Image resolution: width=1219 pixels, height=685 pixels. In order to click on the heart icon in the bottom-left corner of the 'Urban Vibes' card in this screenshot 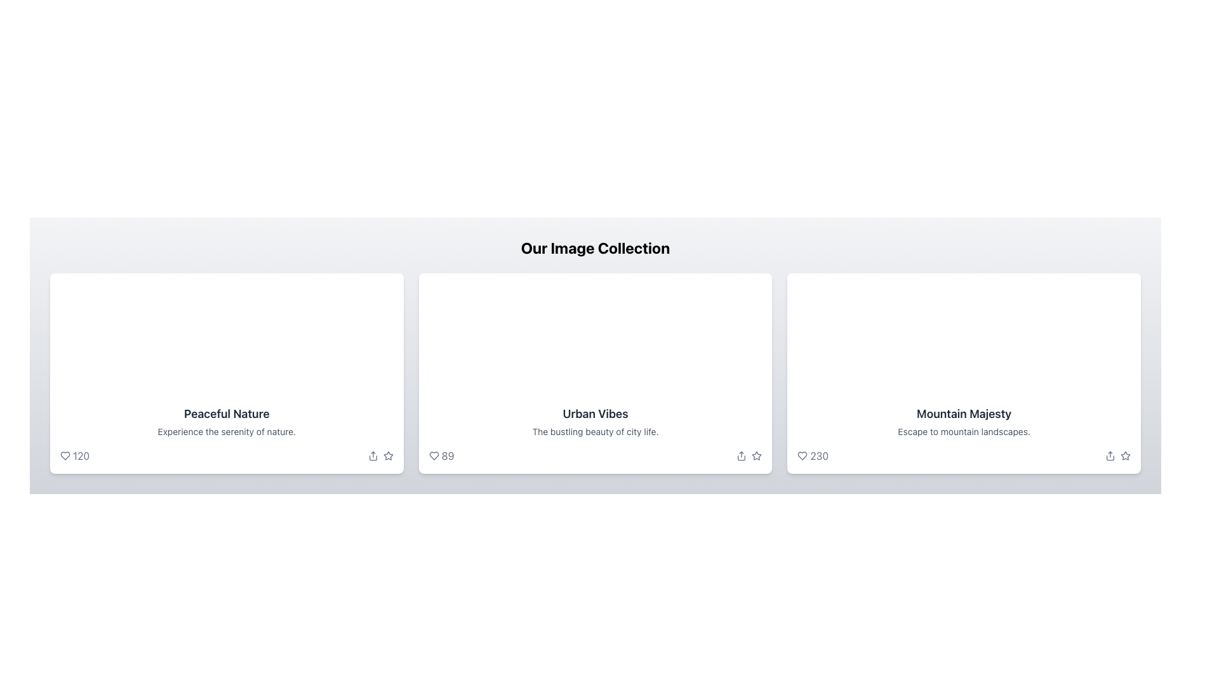, I will do `click(441, 455)`.